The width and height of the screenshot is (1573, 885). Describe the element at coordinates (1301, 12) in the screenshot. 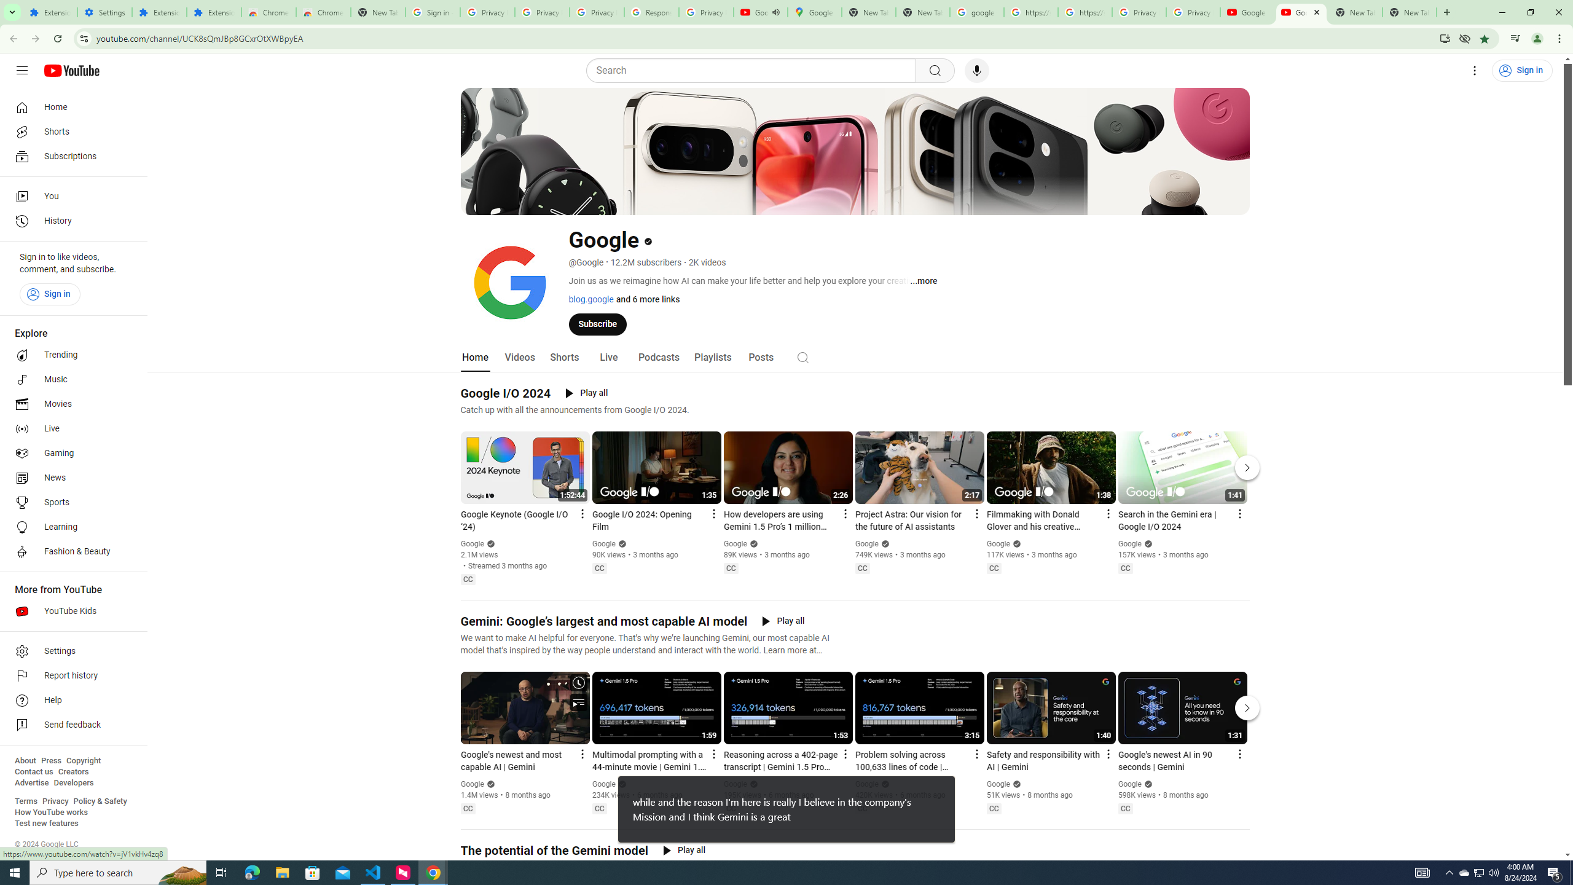

I see `'Google - YouTube'` at that location.